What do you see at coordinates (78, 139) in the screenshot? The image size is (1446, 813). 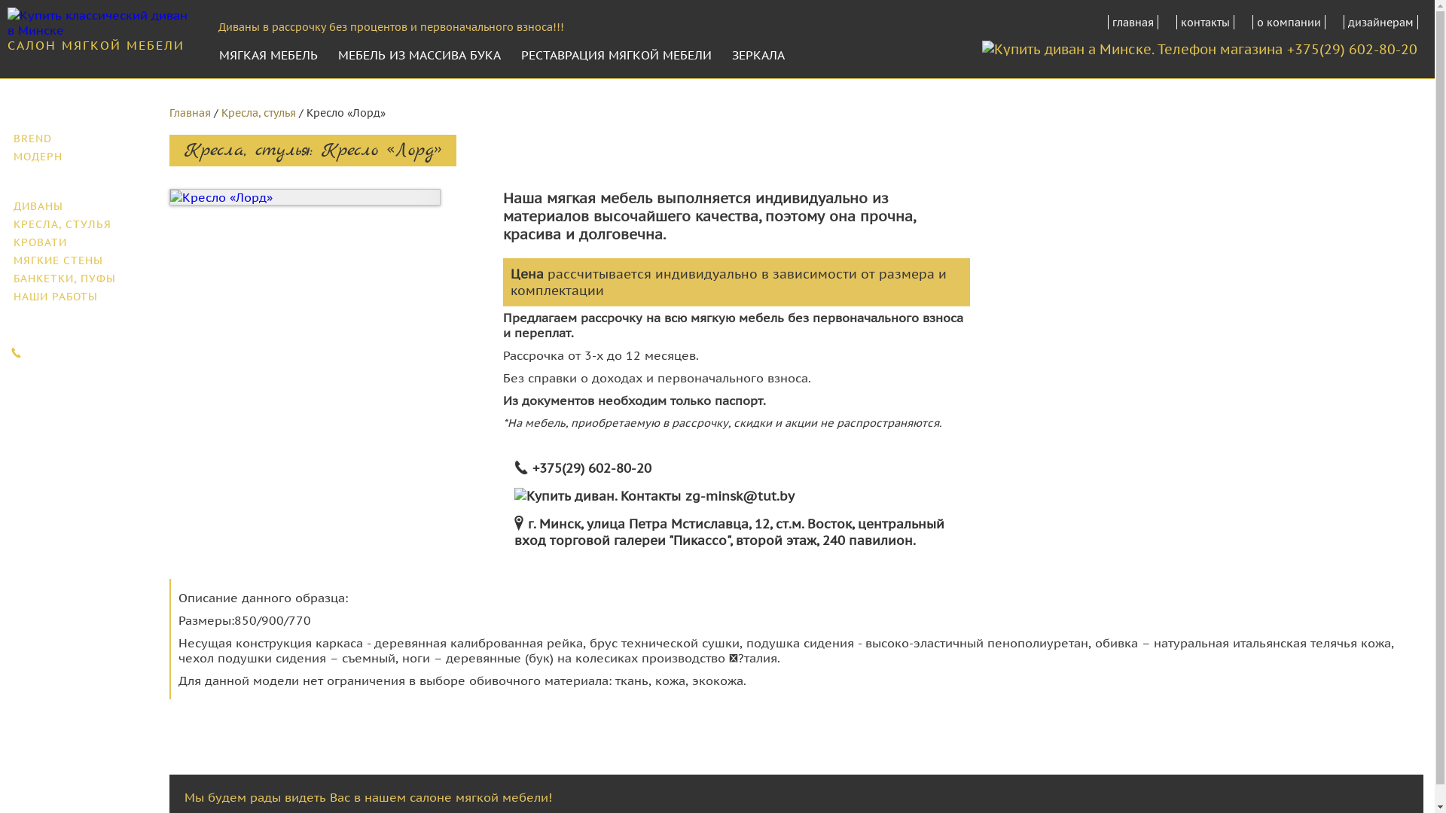 I see `'BREND'` at bounding box center [78, 139].